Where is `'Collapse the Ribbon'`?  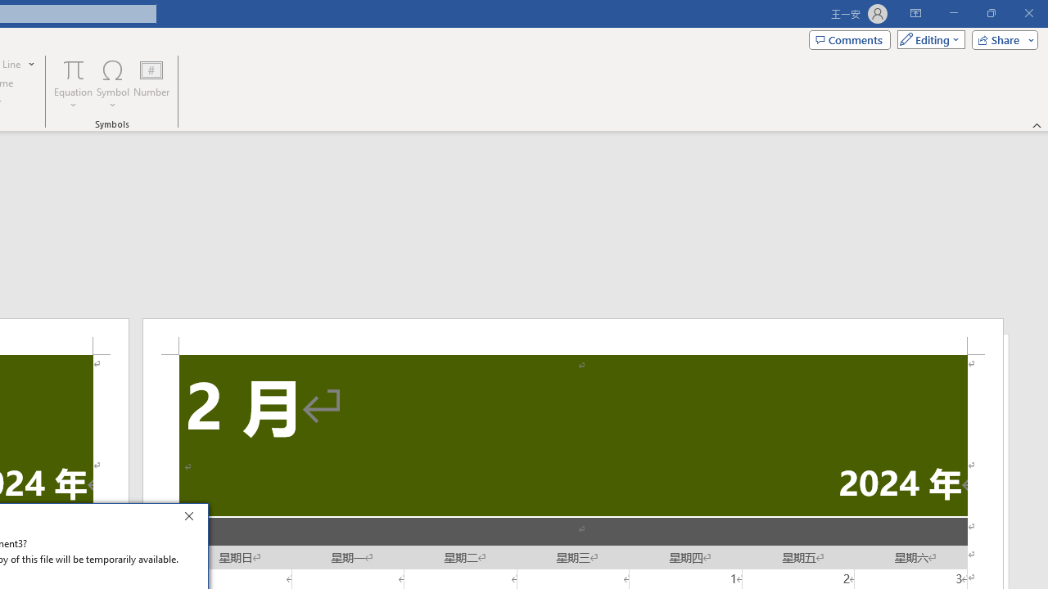
'Collapse the Ribbon' is located at coordinates (1037, 124).